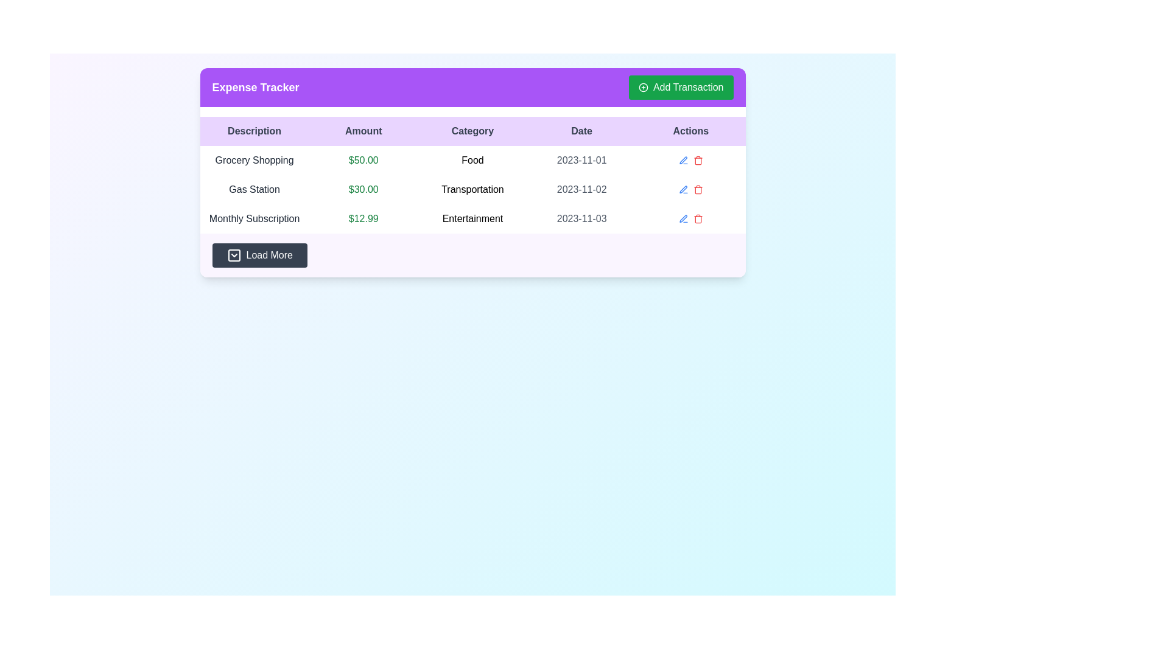 The width and height of the screenshot is (1169, 657). I want to click on the header label for the 'Description' column, which is the first column header in the top row of the table-like section, so click(254, 131).